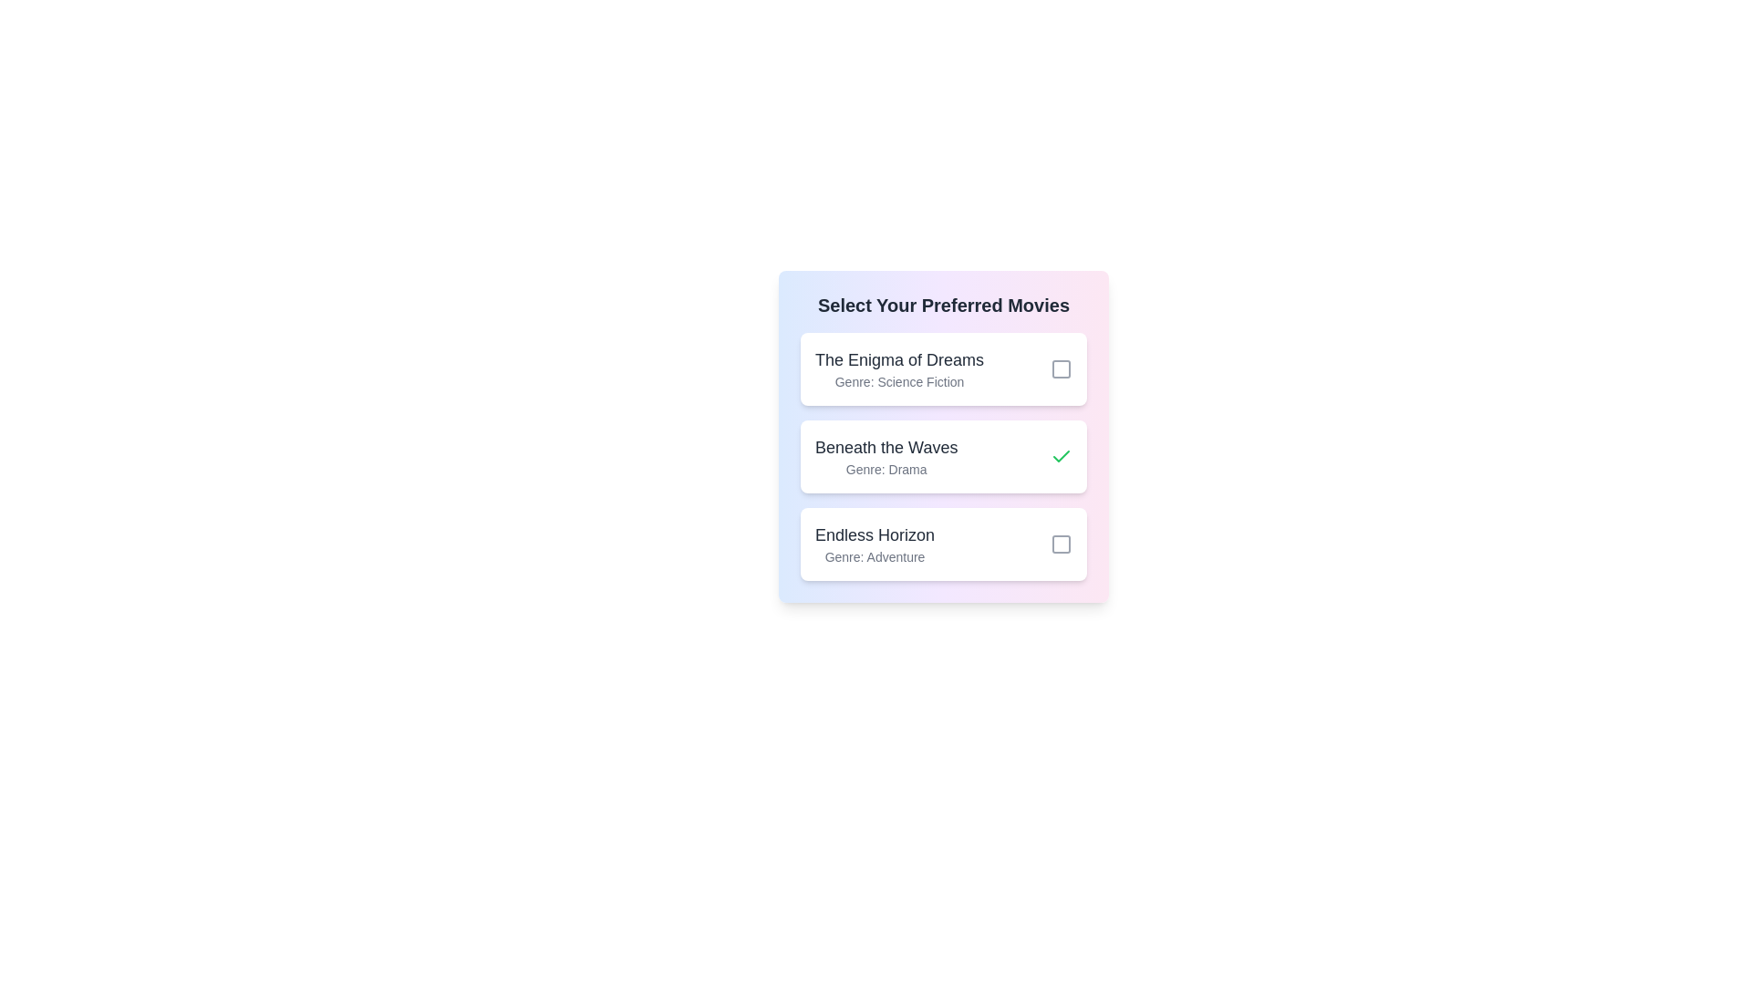 The image size is (1751, 985). Describe the element at coordinates (944, 456) in the screenshot. I see `the list item corresponding to Beneath the Waves` at that location.